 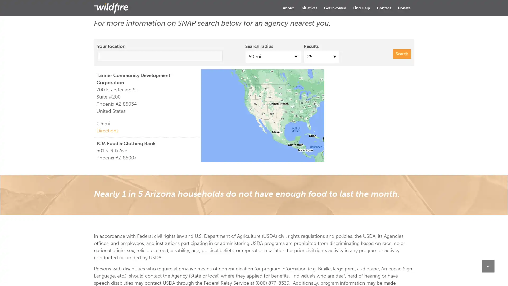 What do you see at coordinates (303, 104) in the screenshot?
I see `Adelante Healthcare Phoenix  Central` at bounding box center [303, 104].